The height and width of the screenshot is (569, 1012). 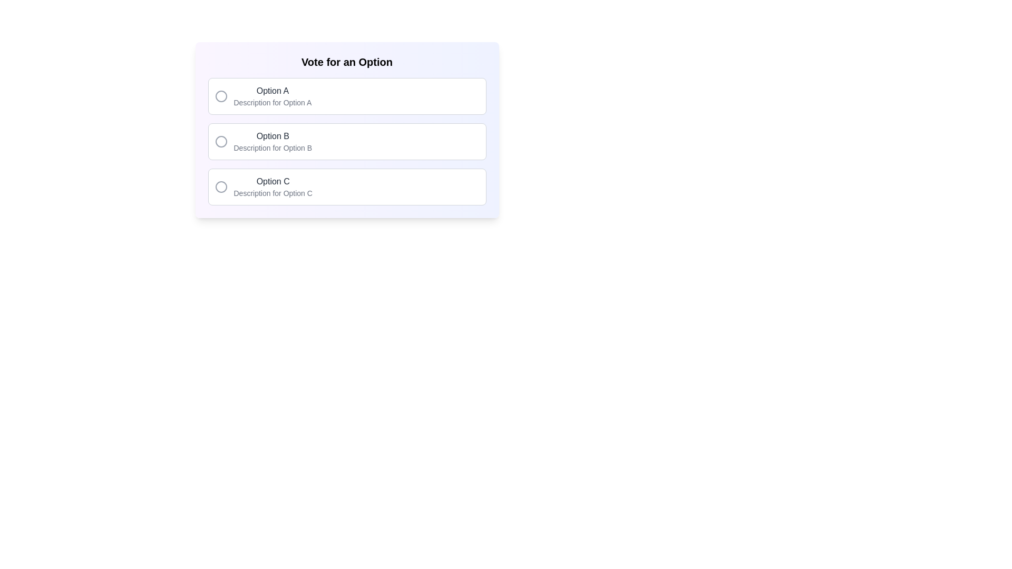 What do you see at coordinates (273, 96) in the screenshot?
I see `the interactive controls related to the 'Option A' text block, which serves as a label and description for the first selectable option in the multi-choice voting interface` at bounding box center [273, 96].